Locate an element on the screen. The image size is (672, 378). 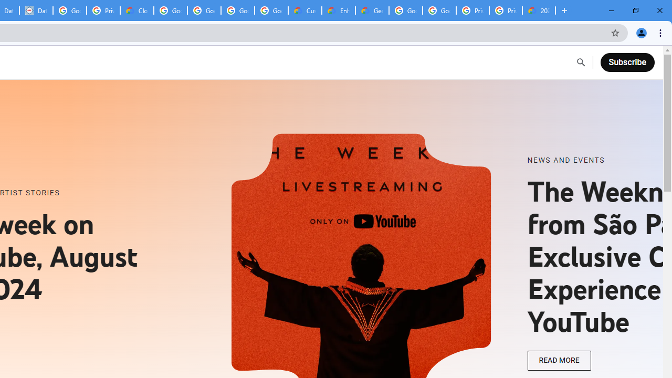
'Cloud Data Processing Addendum | Google Cloud' is located at coordinates (136, 10).